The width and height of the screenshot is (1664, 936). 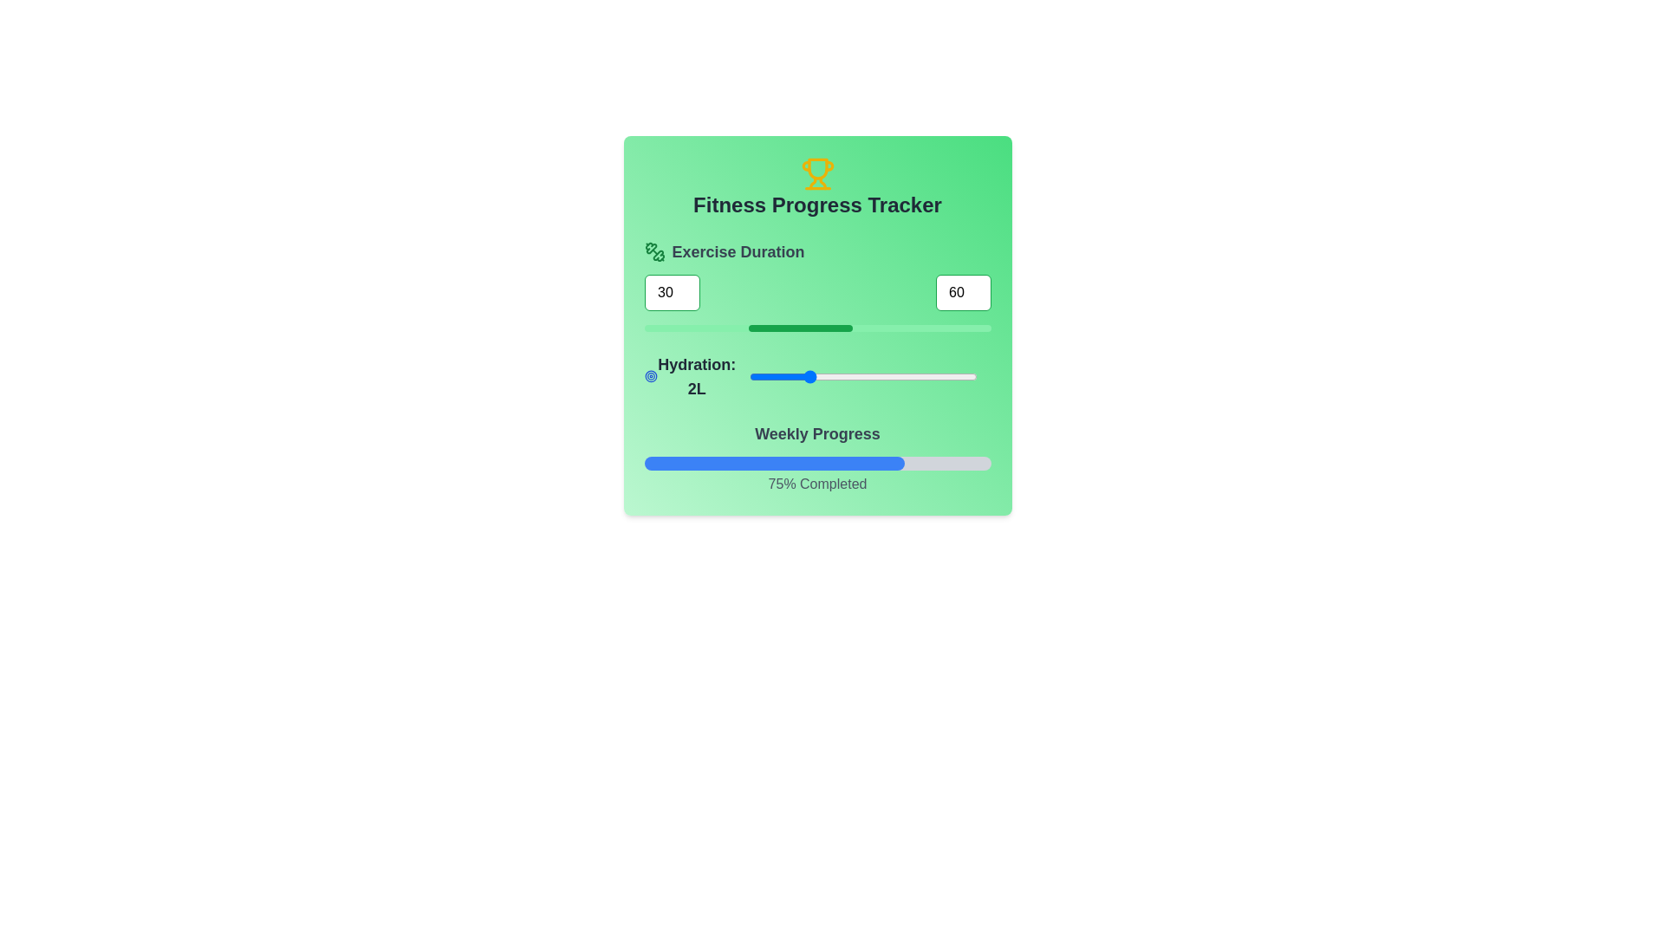 What do you see at coordinates (816, 376) in the screenshot?
I see `the slider's handle in the hydration section labeled 'Hydration: 2L' to reposition it` at bounding box center [816, 376].